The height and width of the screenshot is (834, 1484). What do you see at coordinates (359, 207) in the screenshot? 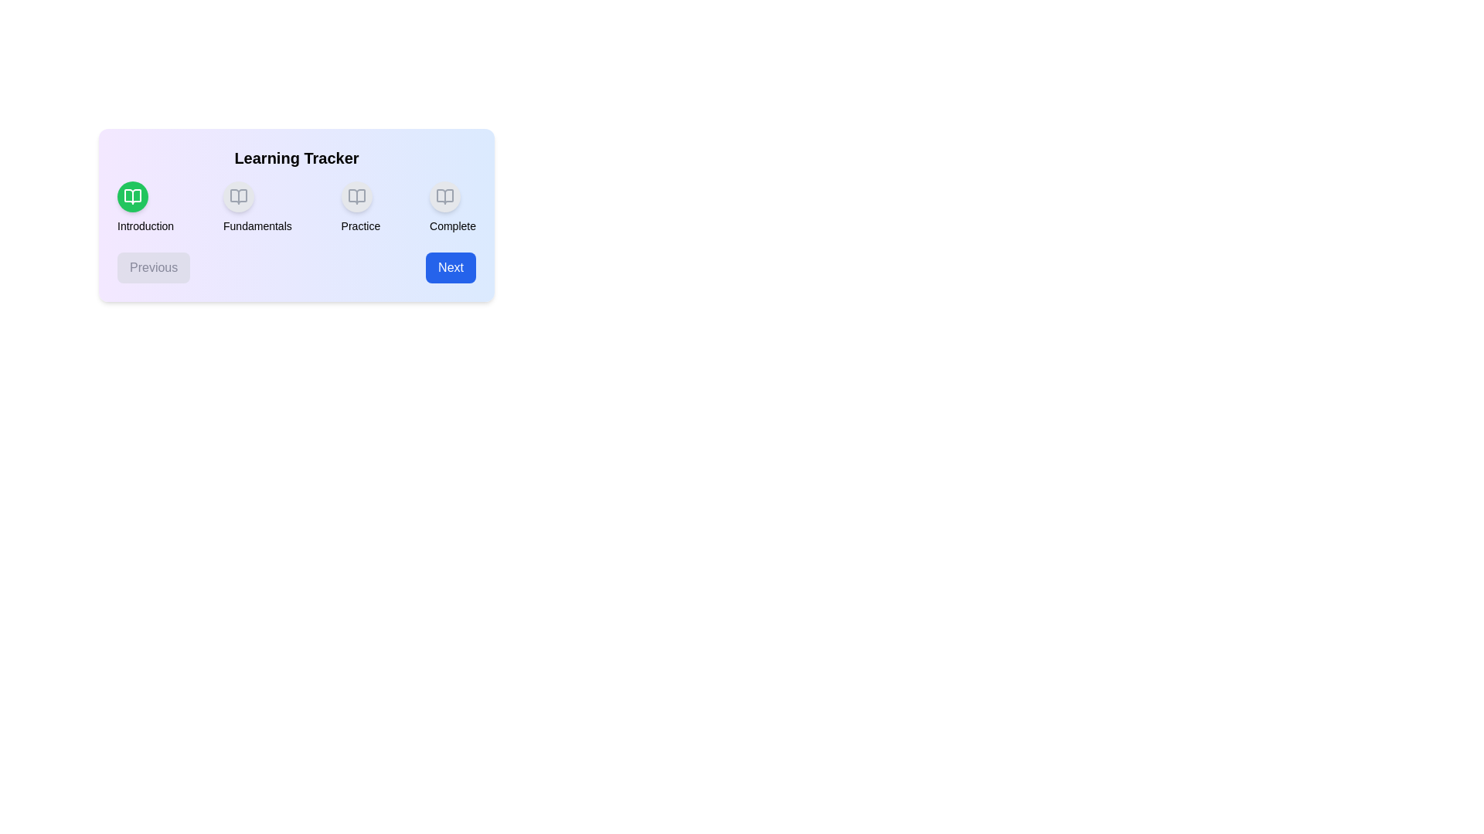
I see `the 'Practice' stage element` at bounding box center [359, 207].